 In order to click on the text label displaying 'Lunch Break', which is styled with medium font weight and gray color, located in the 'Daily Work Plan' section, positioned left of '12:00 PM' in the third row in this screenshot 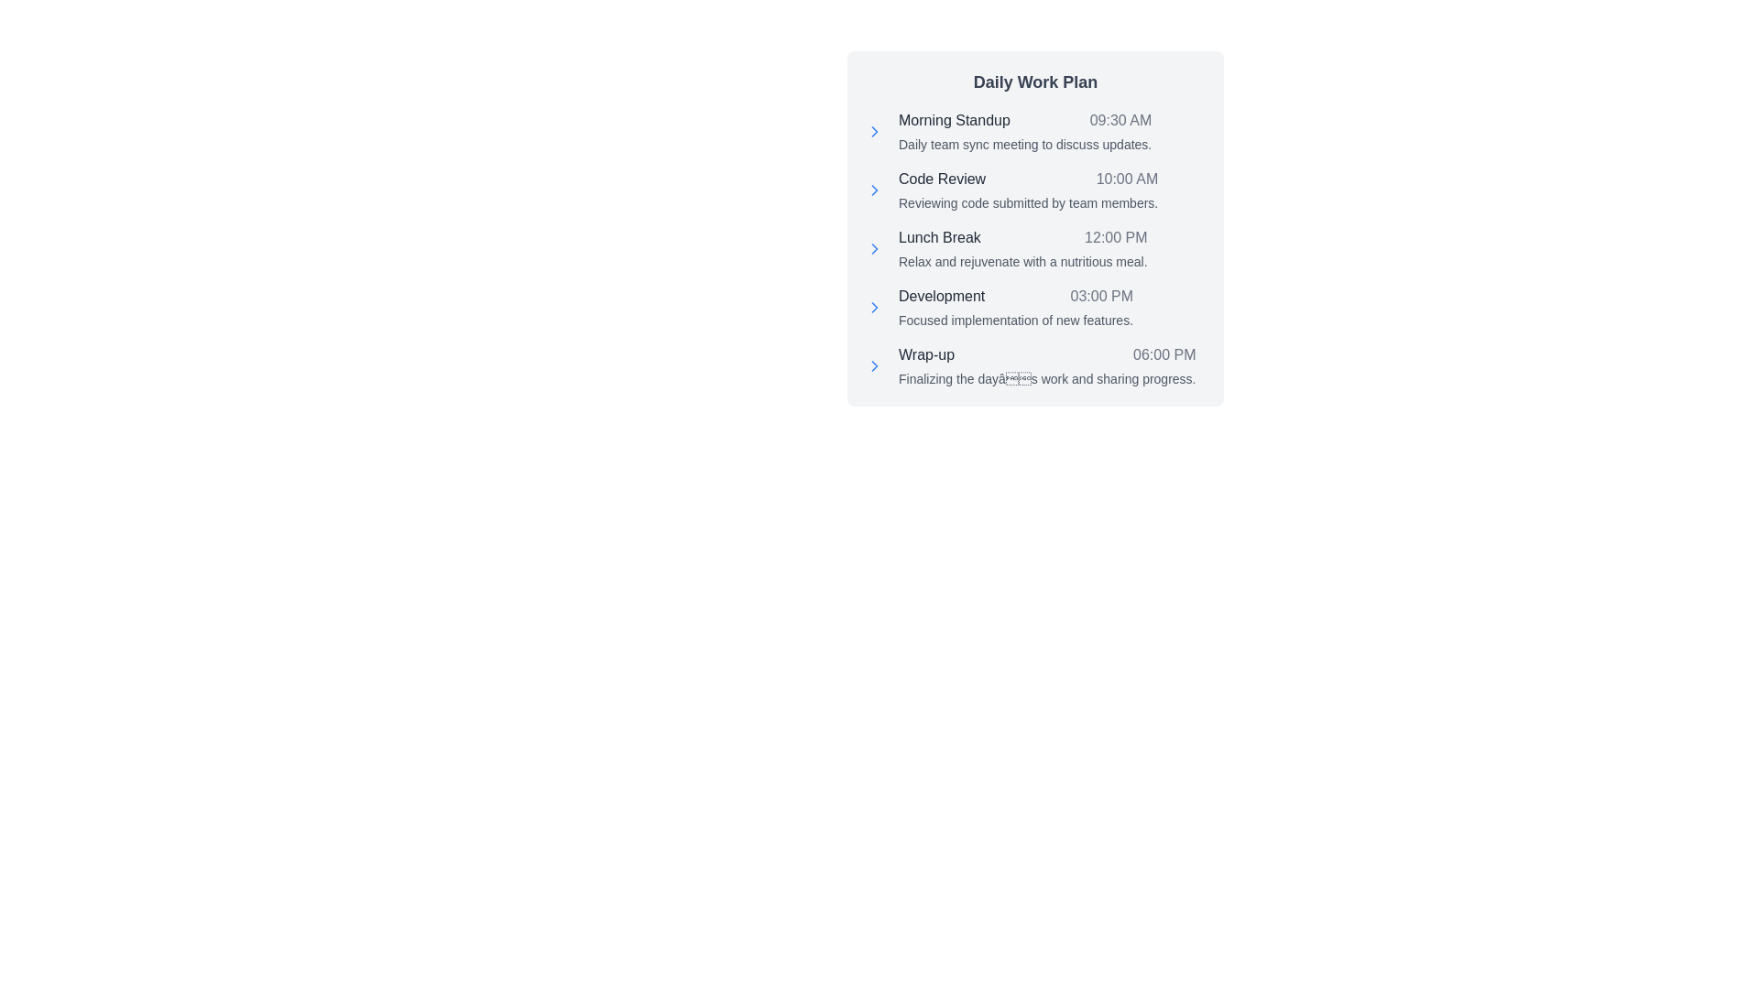, I will do `click(939, 236)`.